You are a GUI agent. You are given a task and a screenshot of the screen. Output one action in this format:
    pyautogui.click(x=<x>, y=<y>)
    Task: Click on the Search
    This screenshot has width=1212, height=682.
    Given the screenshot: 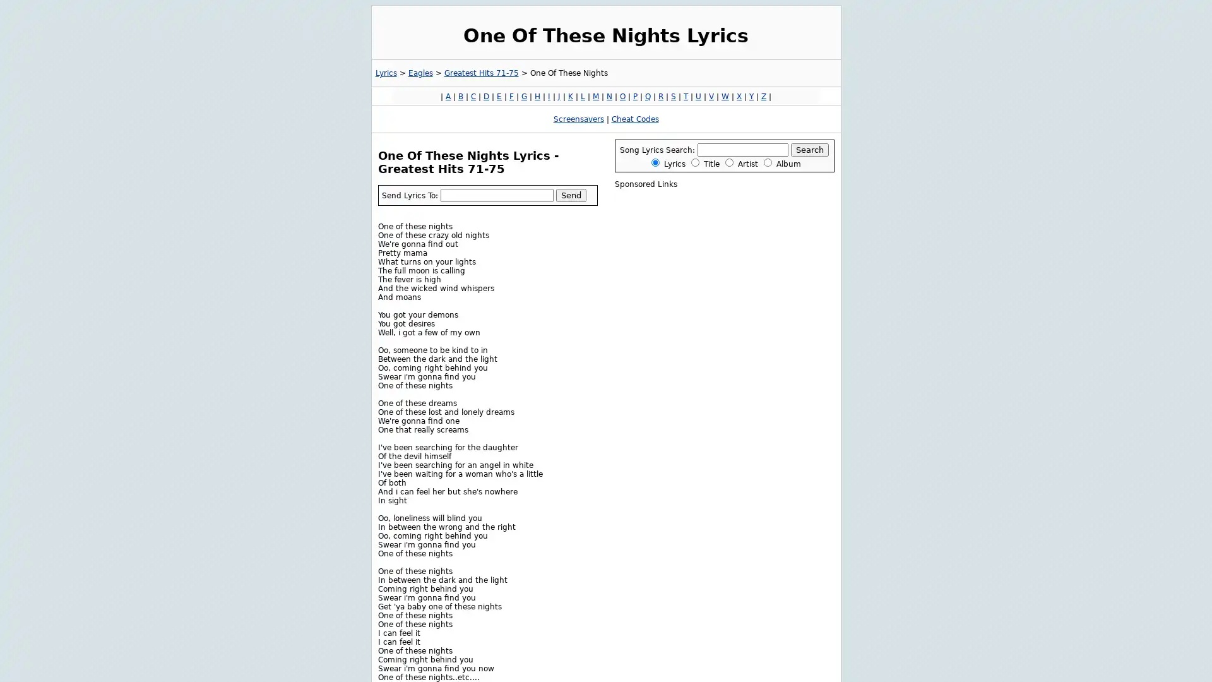 What is the action you would take?
    pyautogui.click(x=809, y=149)
    